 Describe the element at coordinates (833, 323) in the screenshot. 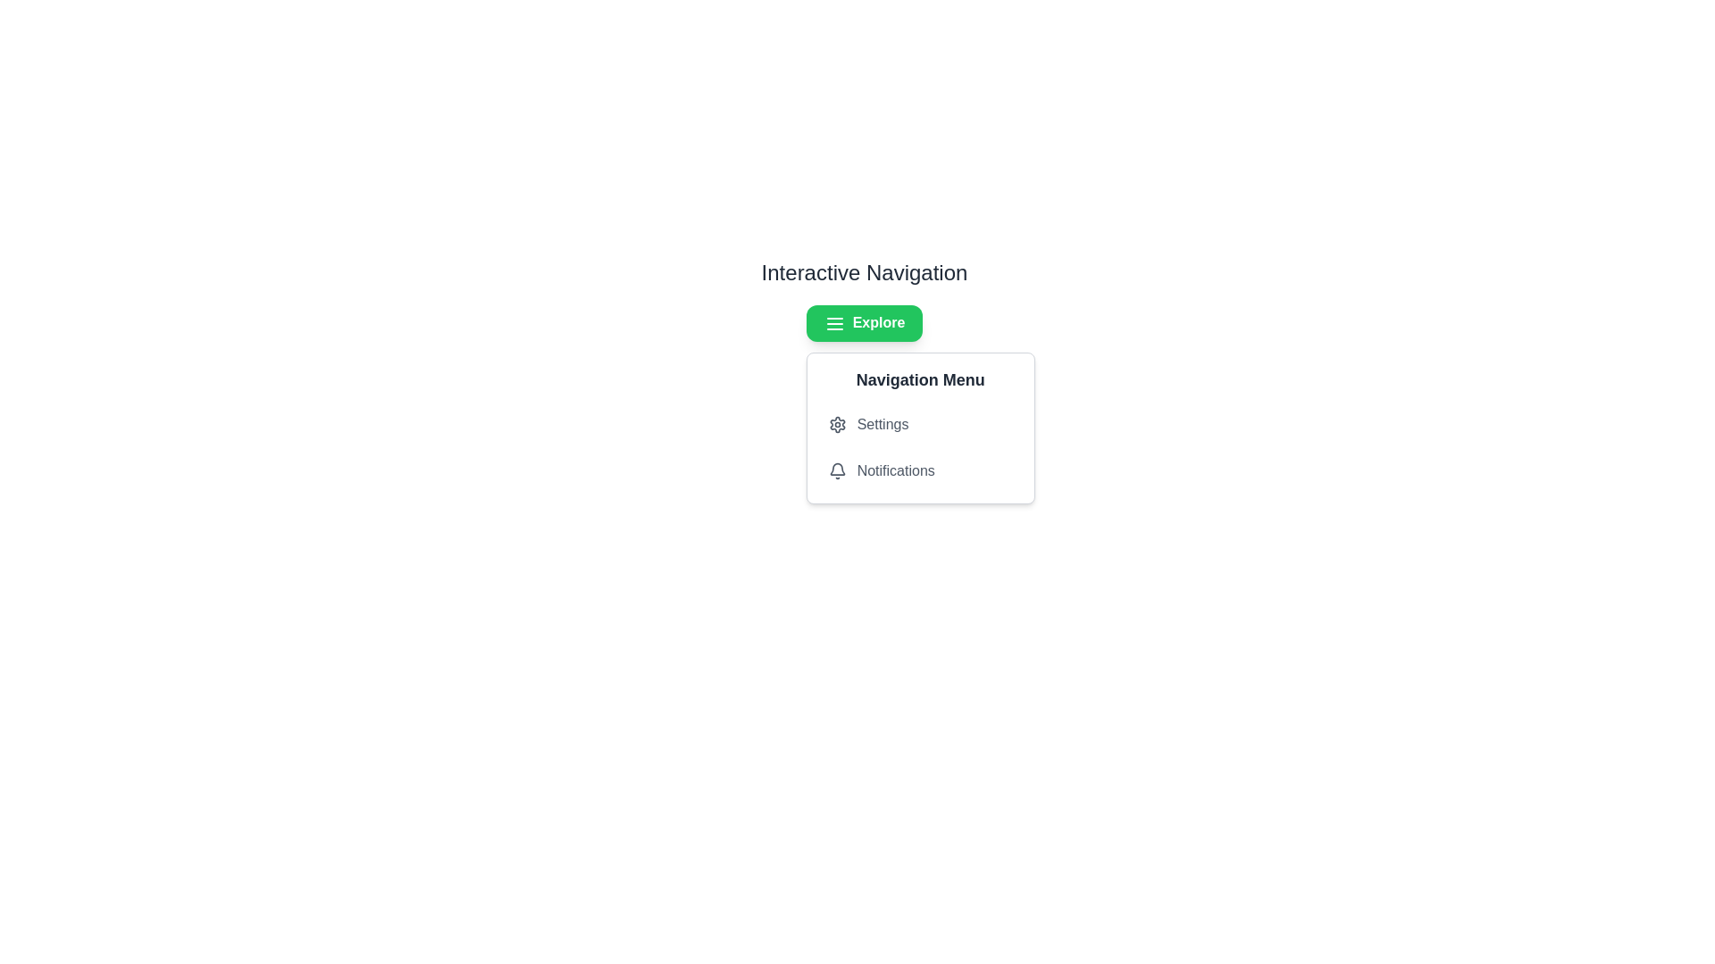

I see `the hamburger menu icon located within the green 'Explore' button at the center-top area of the page` at that location.